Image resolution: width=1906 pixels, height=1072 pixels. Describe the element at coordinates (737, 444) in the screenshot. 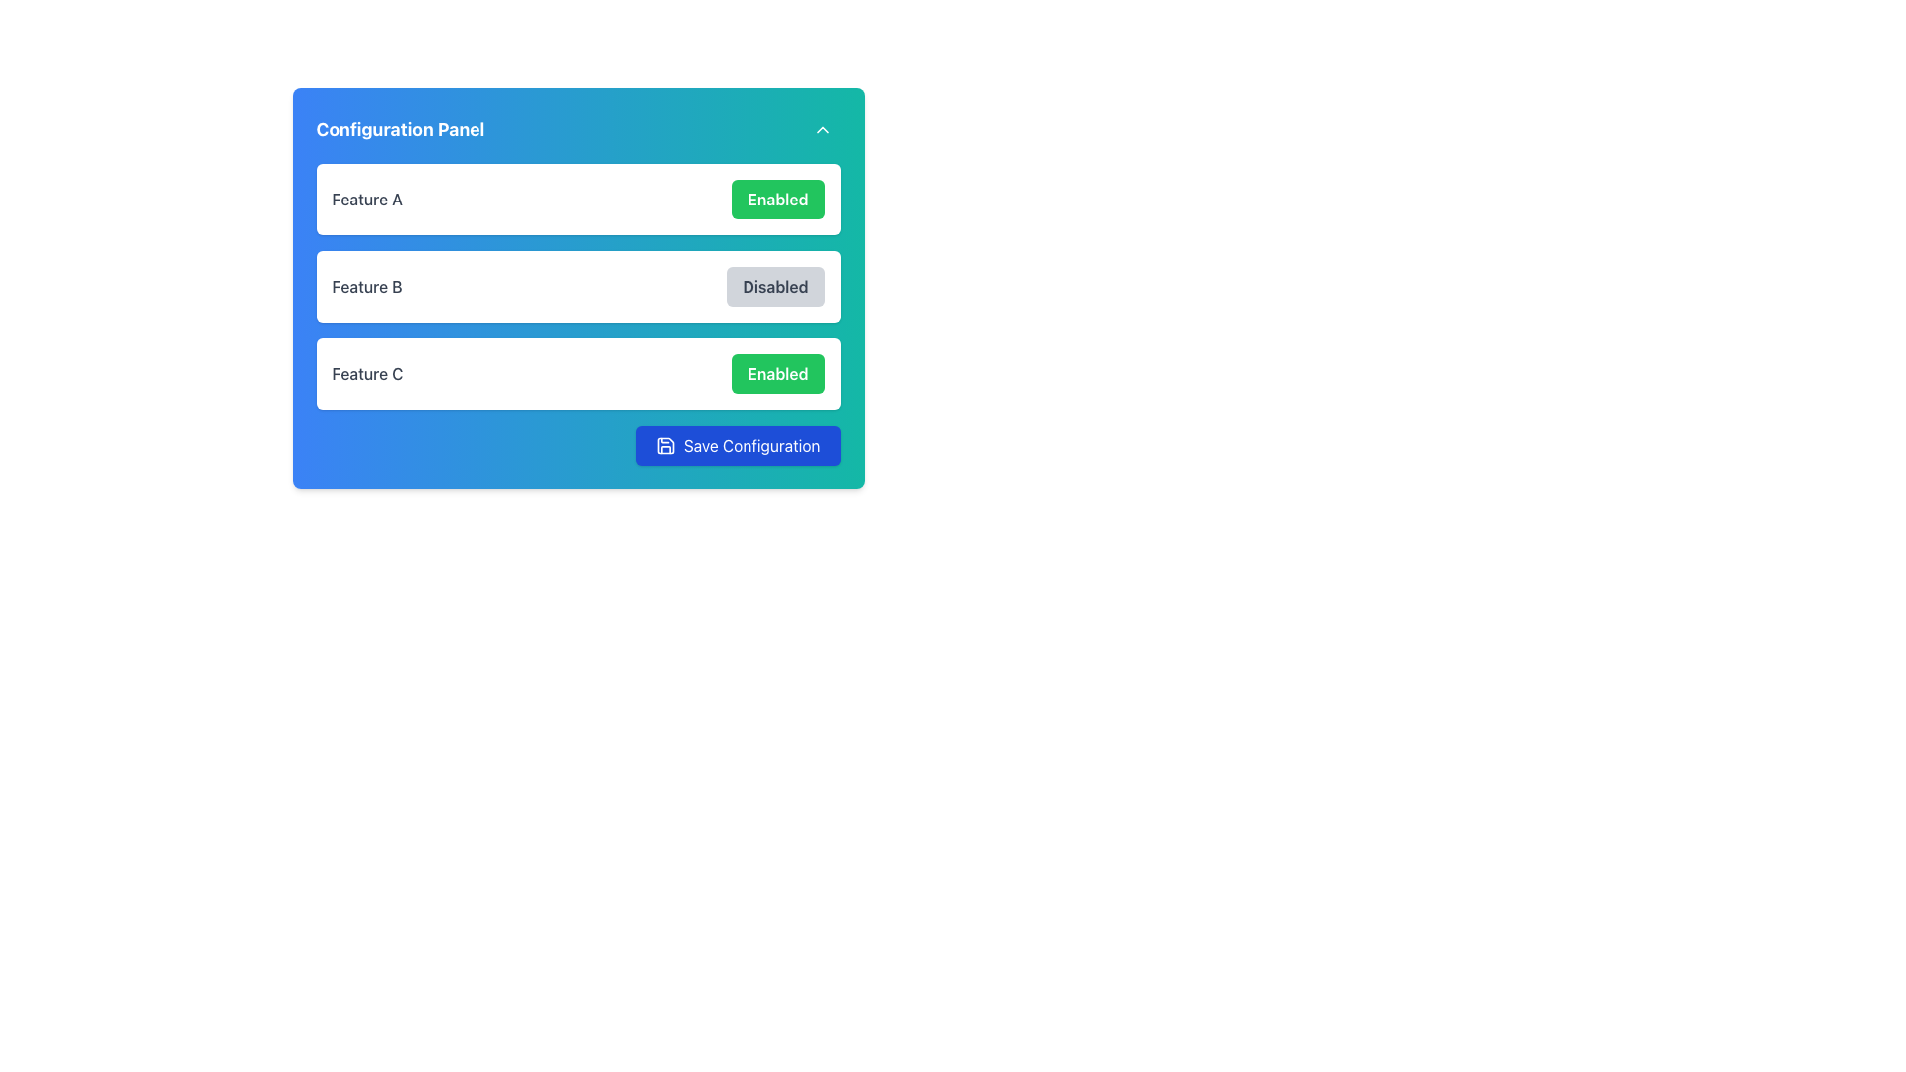

I see `the rectangular 'Save Configuration' button with a blue background and white text, located at the bottom-right corner of the 'Configuration Panel'` at that location.